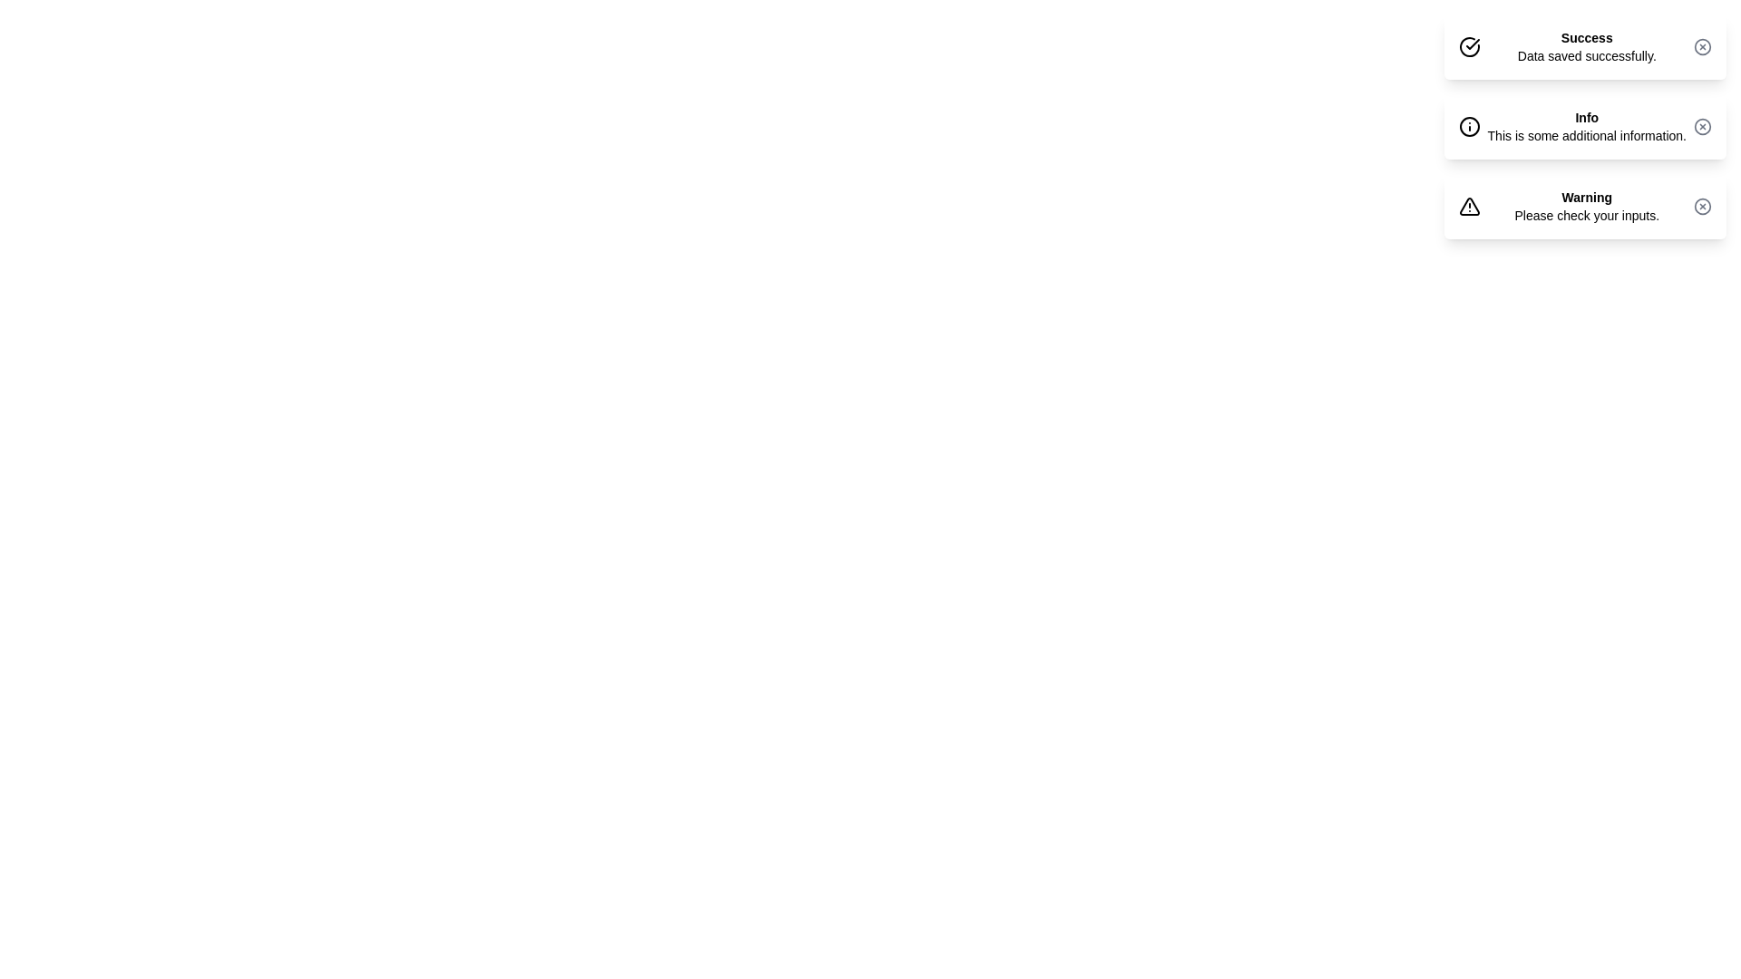  What do you see at coordinates (1701, 205) in the screenshot?
I see `the SVG circle element that forms the base circular outline of the close icon located at the bottom-right of the notice panel` at bounding box center [1701, 205].